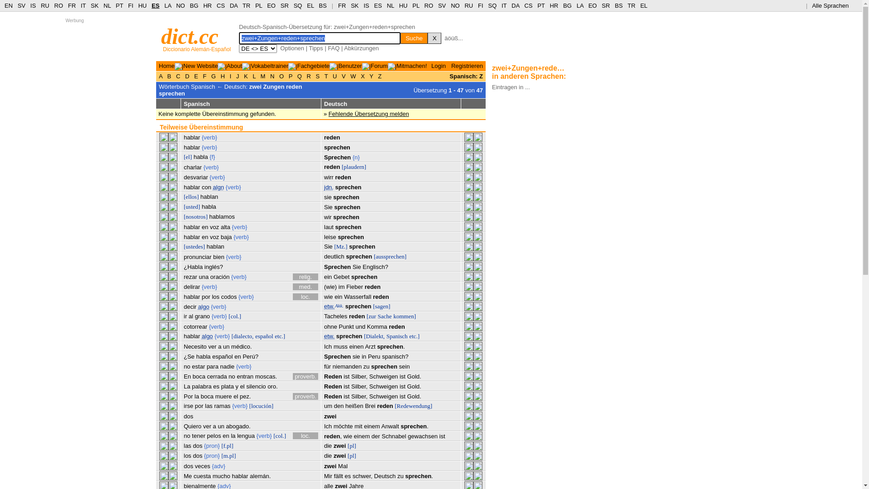 This screenshot has height=489, width=869. What do you see at coordinates (372, 287) in the screenshot?
I see `'reden'` at bounding box center [372, 287].